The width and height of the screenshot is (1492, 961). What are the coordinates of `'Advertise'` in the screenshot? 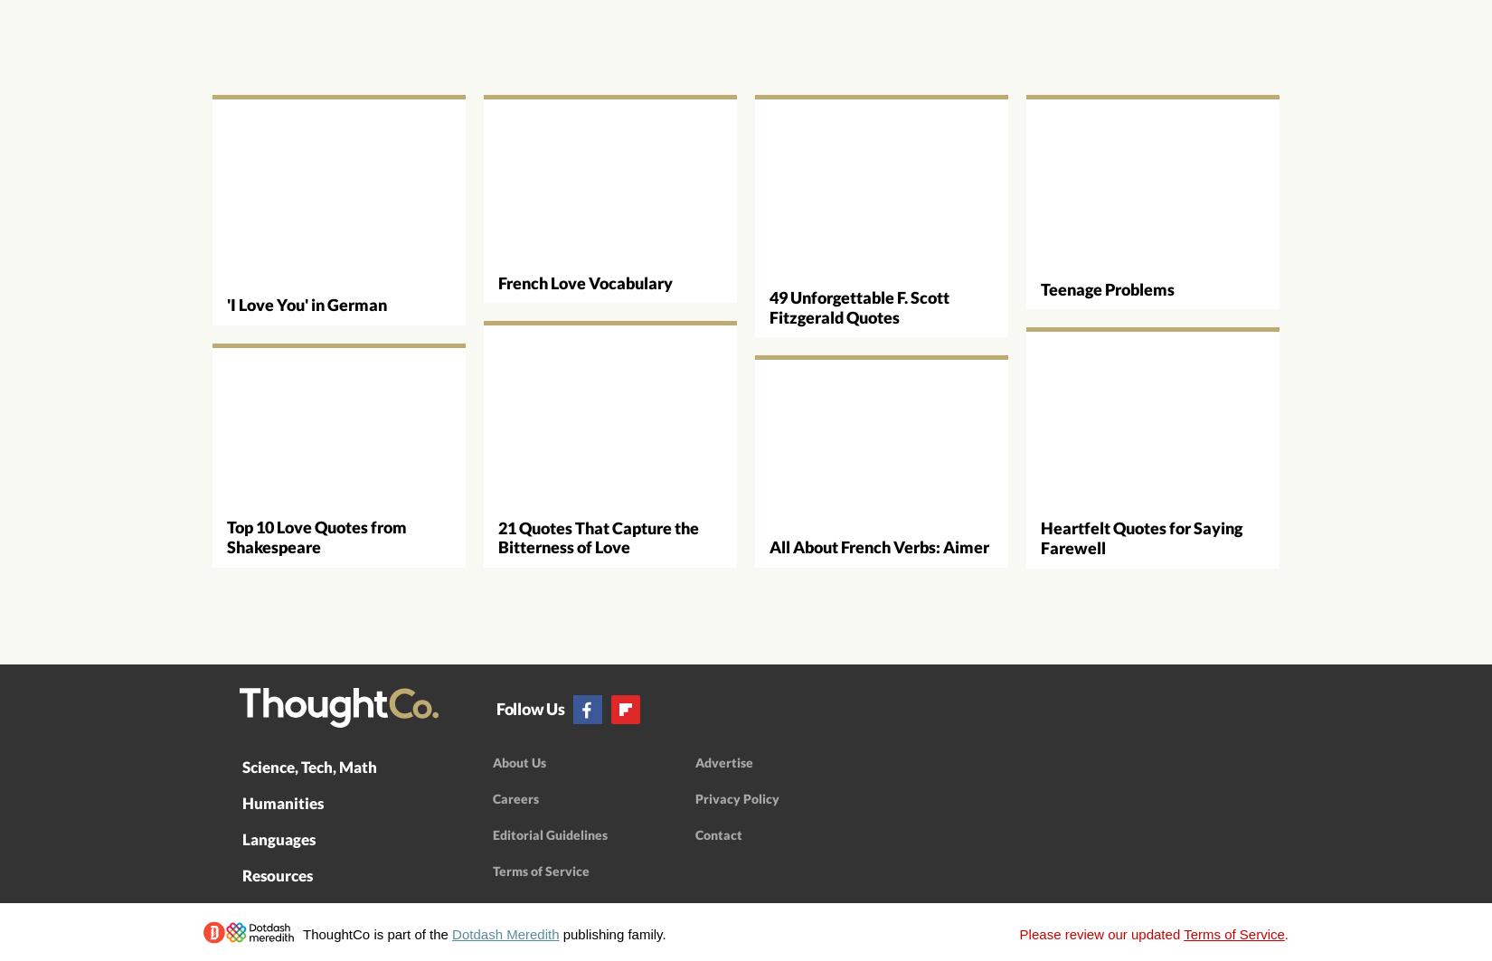 It's located at (723, 761).